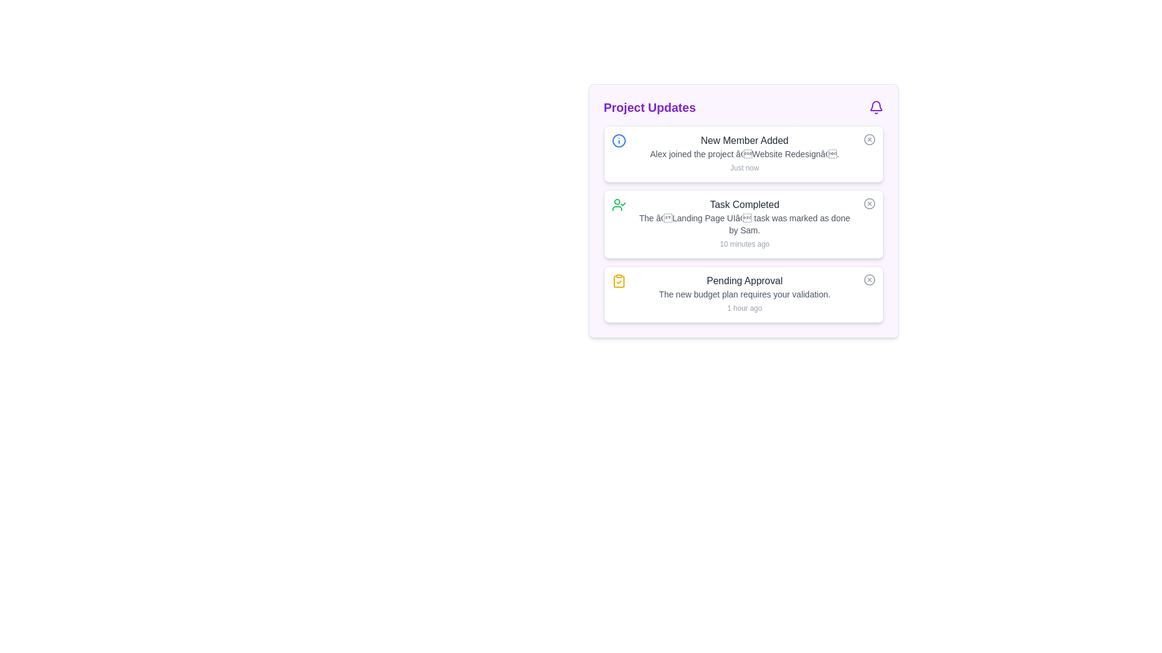 The width and height of the screenshot is (1162, 653). What do you see at coordinates (744, 167) in the screenshot?
I see `the timestamp text element that states 'Just now', located at the bottom of the notification block for 'New Member Added'` at bounding box center [744, 167].